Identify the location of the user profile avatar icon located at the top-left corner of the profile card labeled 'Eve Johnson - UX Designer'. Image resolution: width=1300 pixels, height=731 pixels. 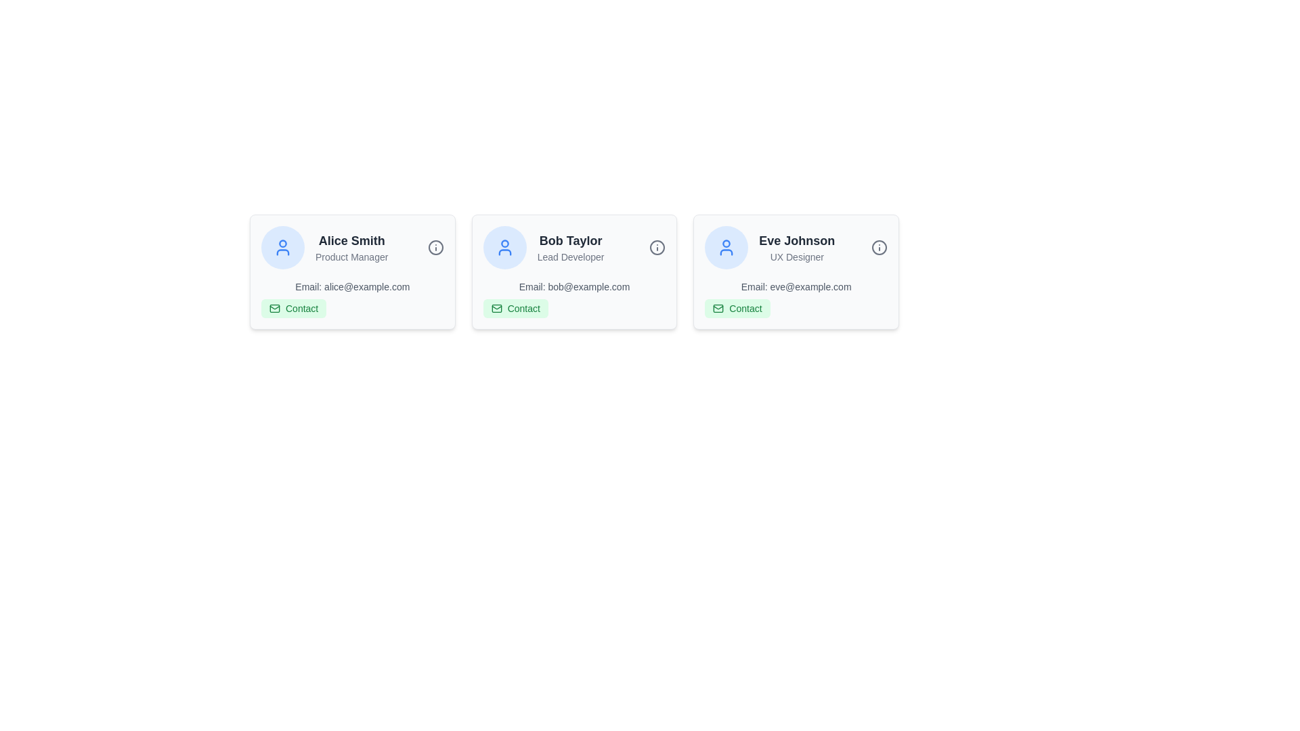
(726, 248).